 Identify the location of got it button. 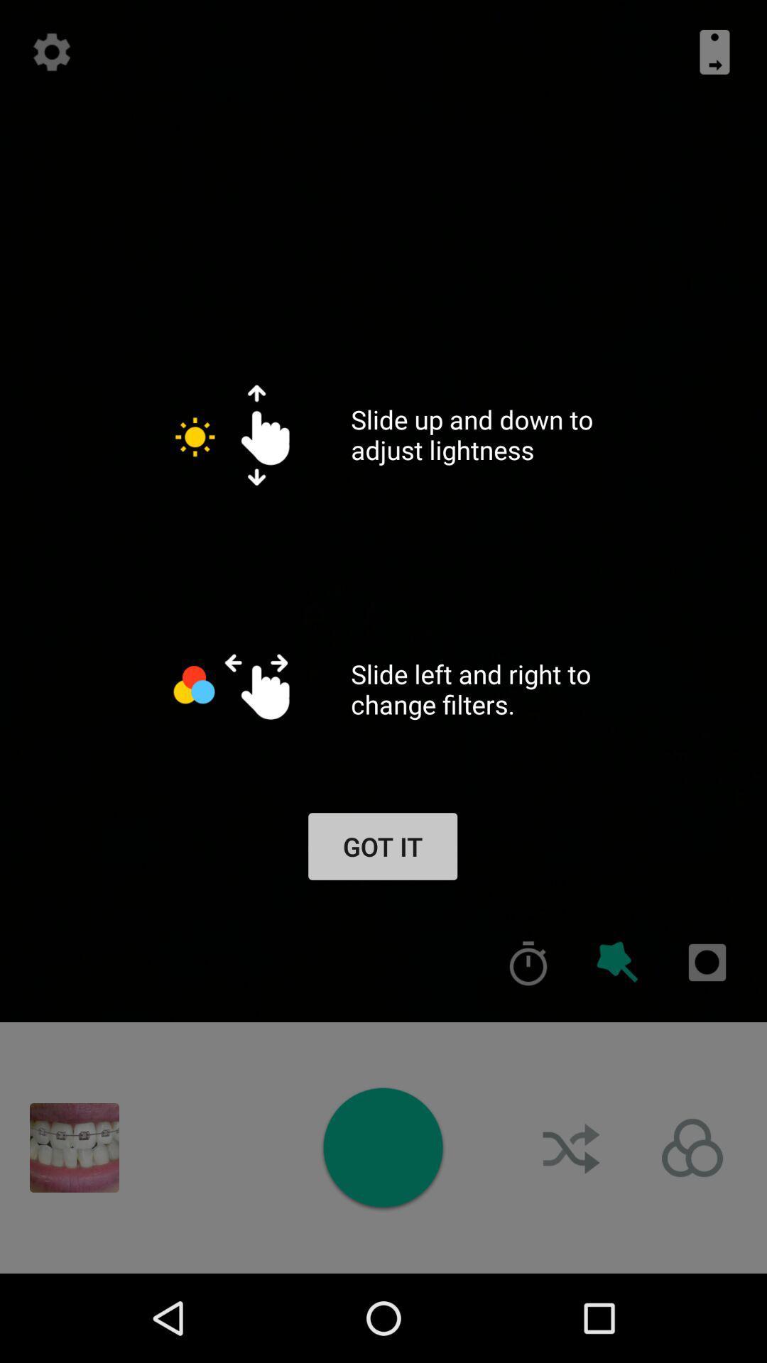
(382, 846).